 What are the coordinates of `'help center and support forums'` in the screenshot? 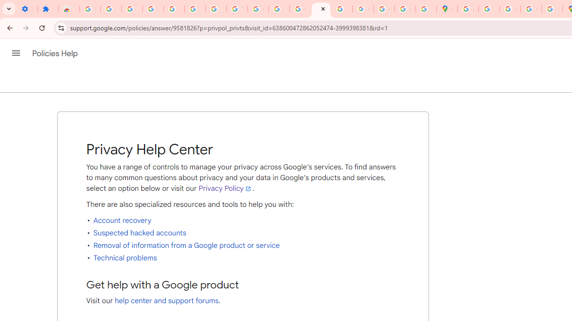 It's located at (167, 301).